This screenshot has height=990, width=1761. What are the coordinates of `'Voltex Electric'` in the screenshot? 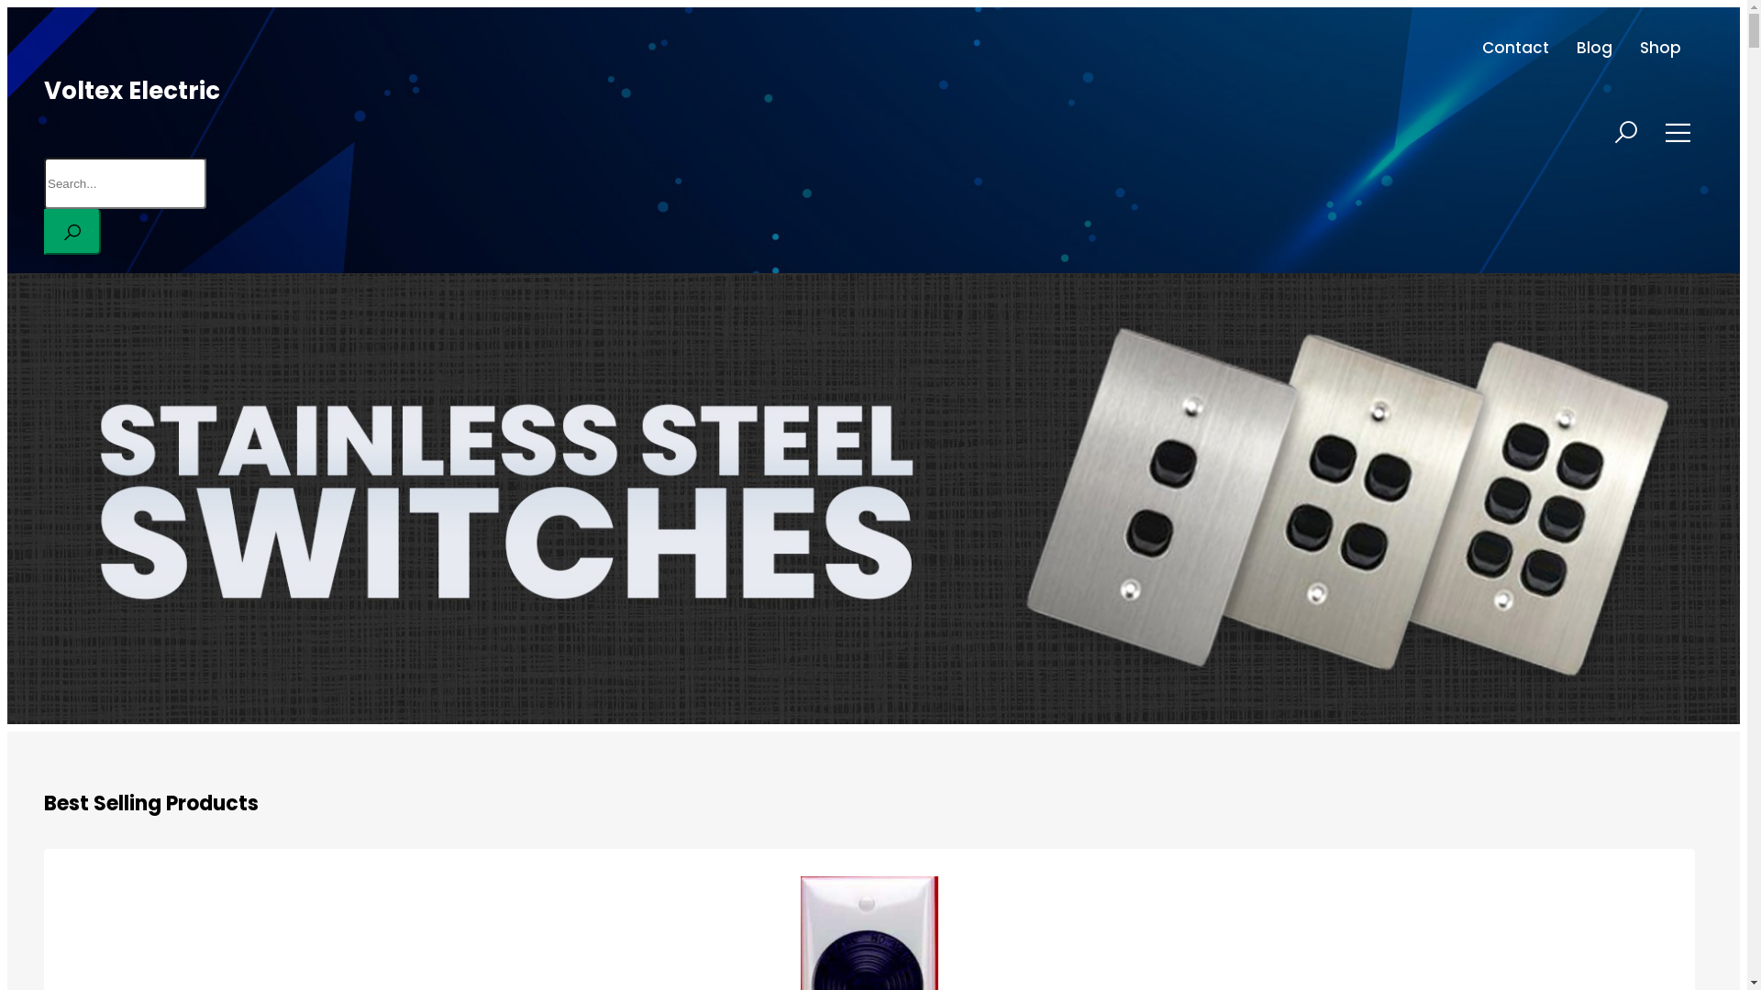 It's located at (44, 91).